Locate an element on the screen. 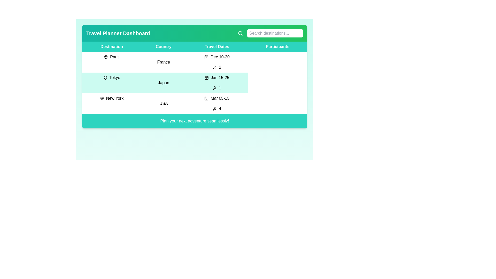 This screenshot has height=279, width=496. the user figure icon located in the second row of the 'Participants' column, adjacent to the text '1' in the 'Travel Planner Dashboard' is located at coordinates (215, 88).